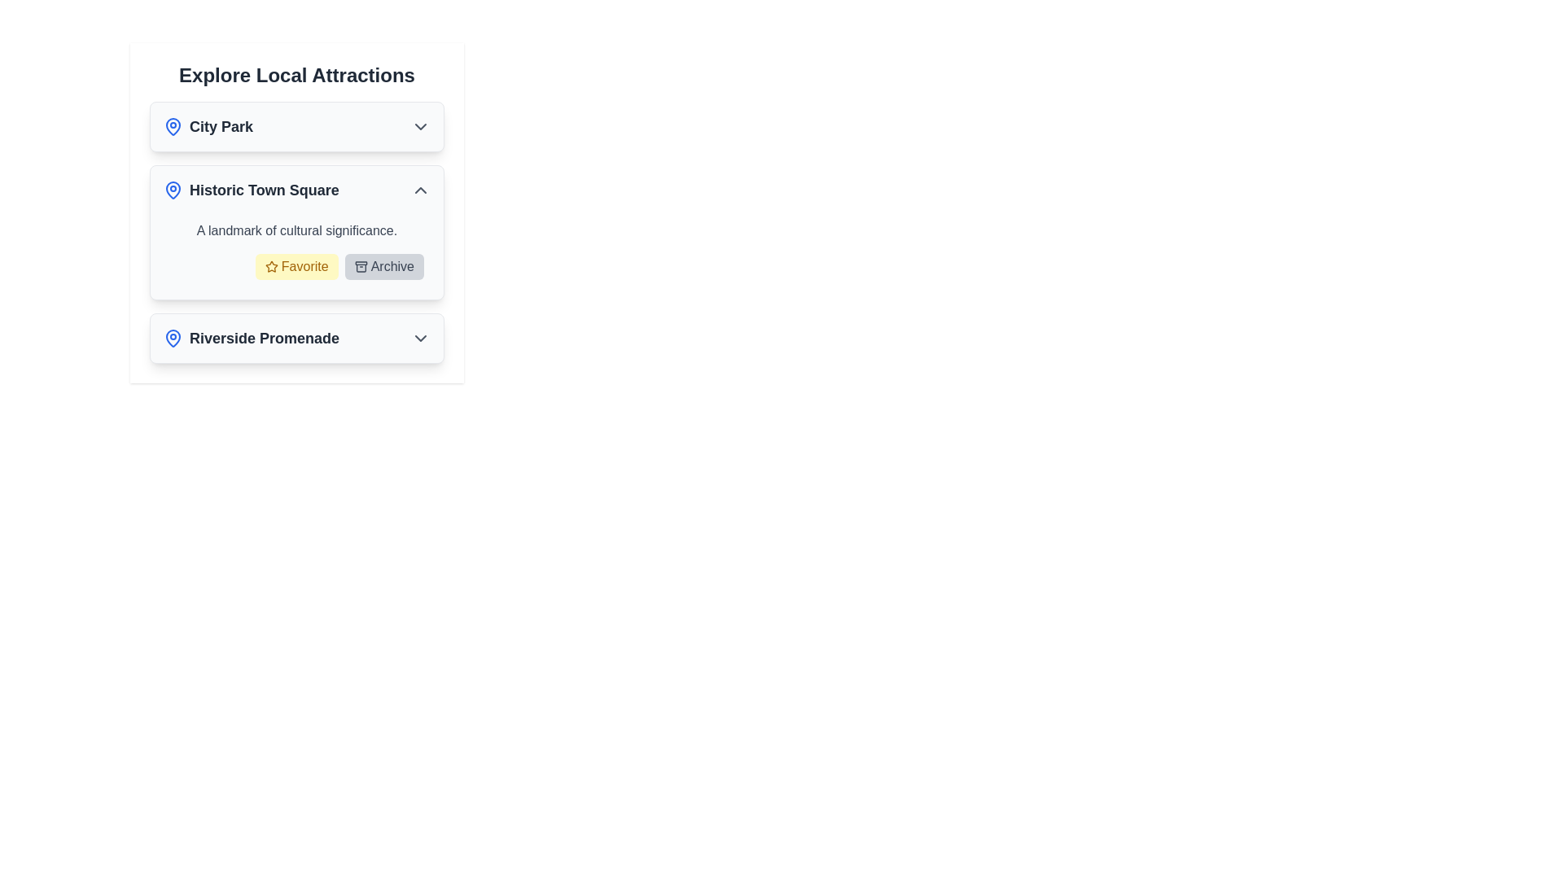 This screenshot has height=879, width=1563. I want to click on the List Item with Expandable Details for 'Riverside Promenade', so click(296, 338).